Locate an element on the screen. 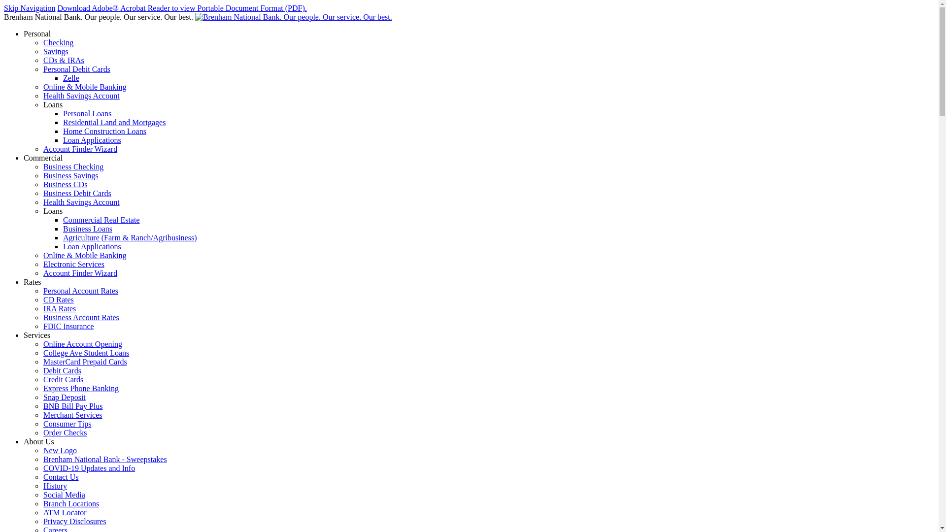 This screenshot has width=946, height=532. 'Merchant Services' is located at coordinates (42, 415).